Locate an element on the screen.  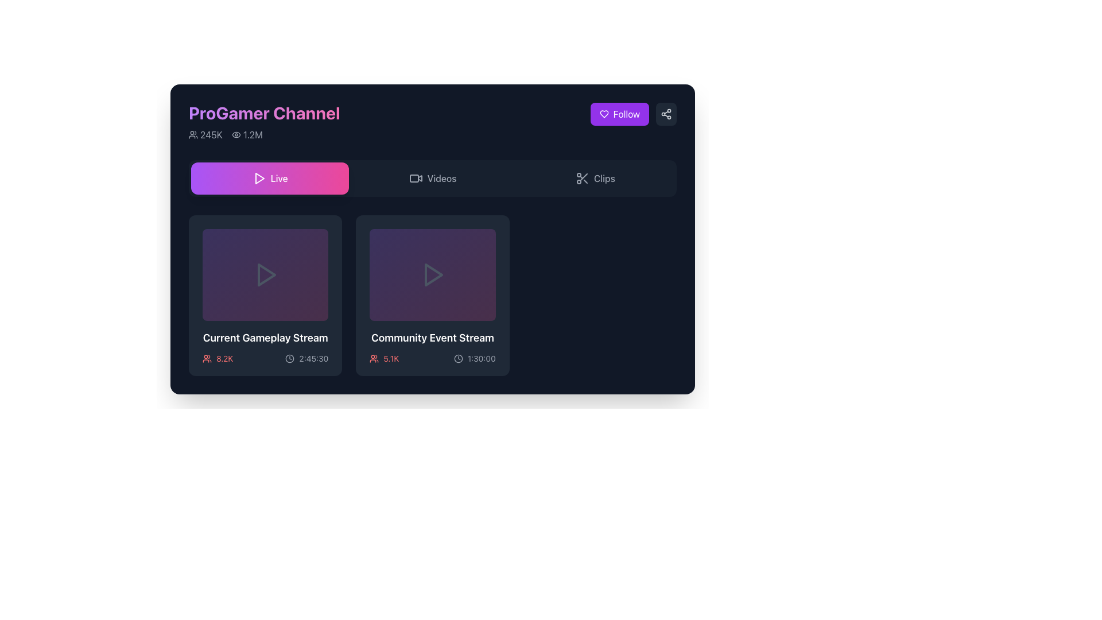
the share button represented by three connected circles in a triangular layout, located at the top-right corner of the interface is located at coordinates (666, 114).